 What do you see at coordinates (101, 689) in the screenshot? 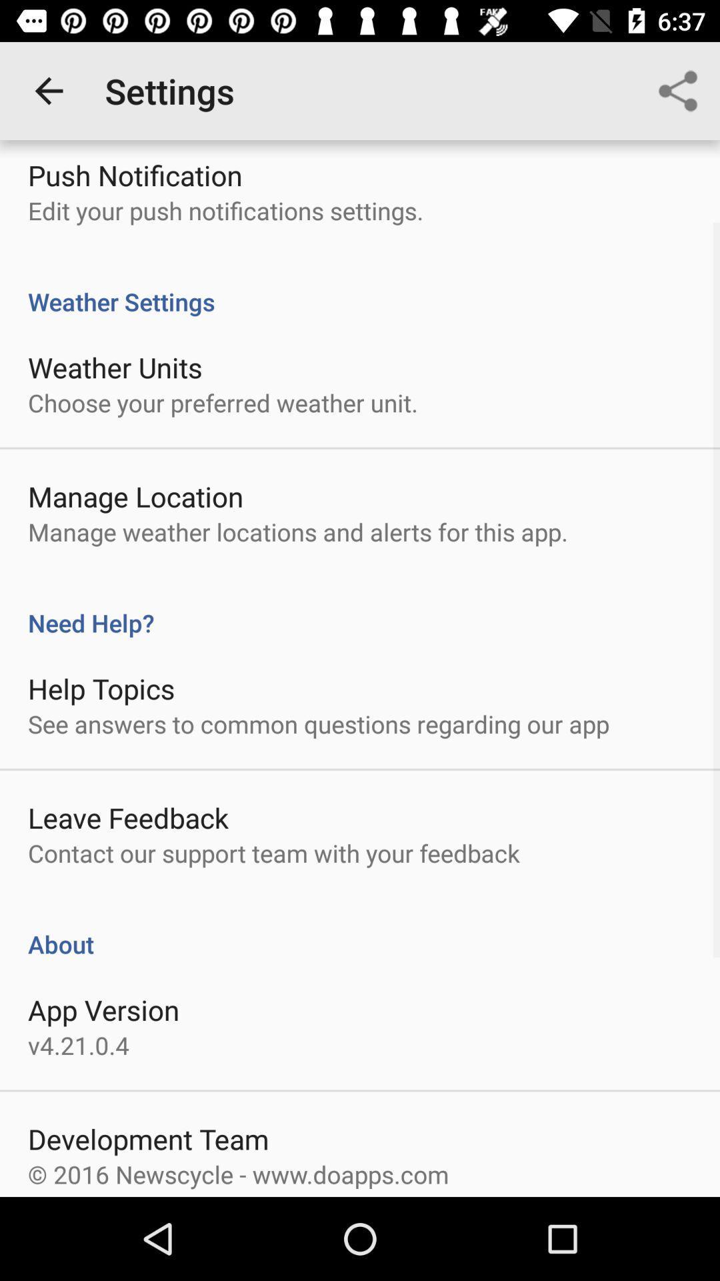
I see `the help topics item` at bounding box center [101, 689].